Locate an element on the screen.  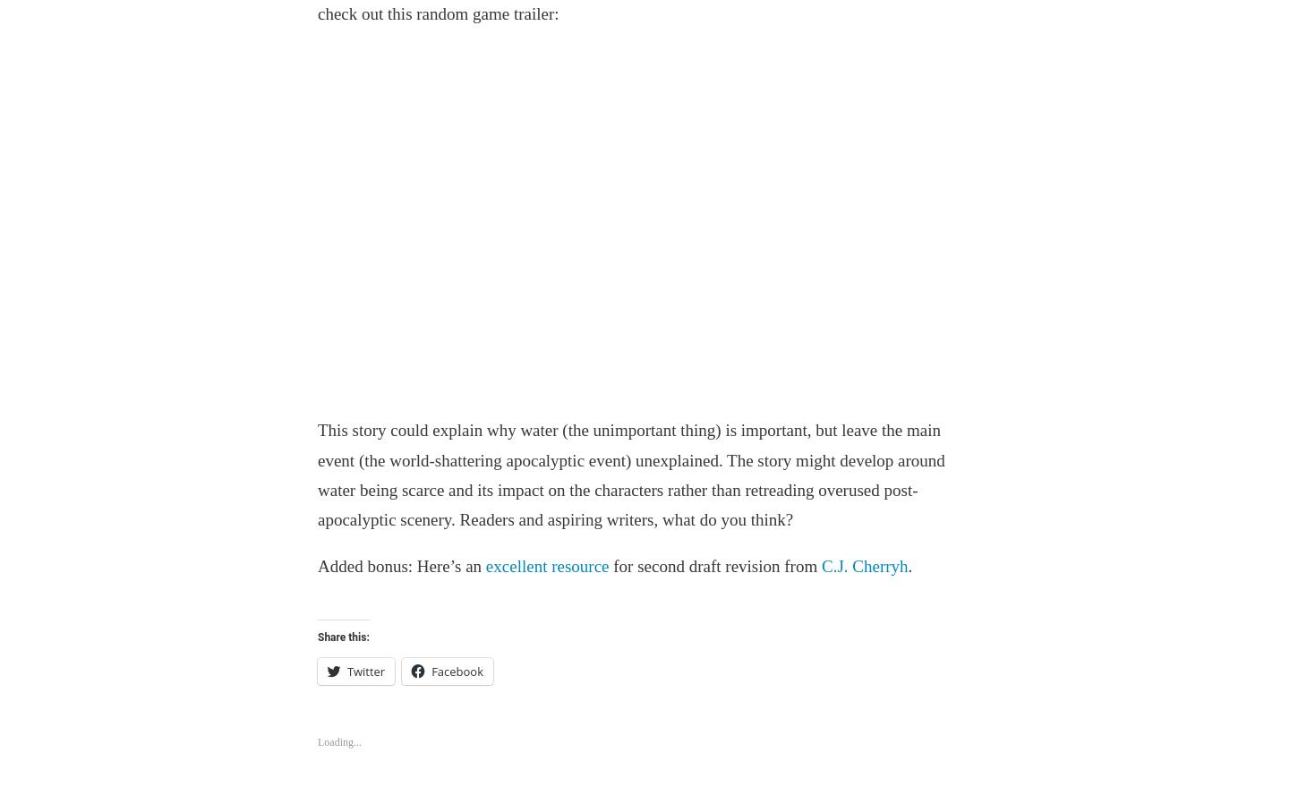
'Share this:' is located at coordinates (342, 637).